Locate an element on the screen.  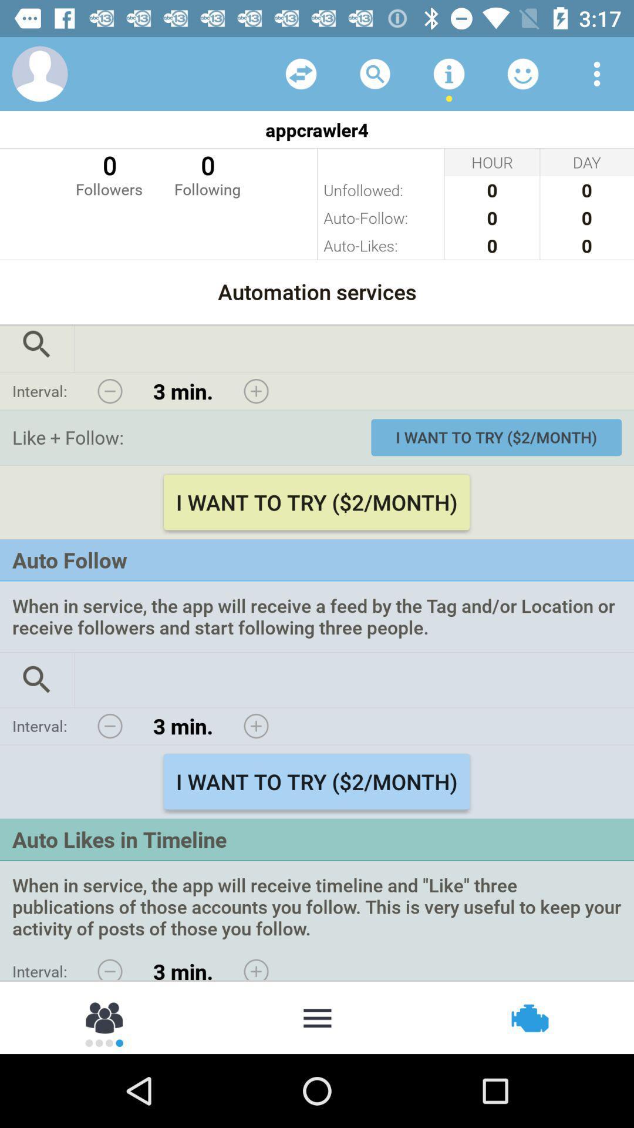
switch between forward and backward is located at coordinates (301, 73).